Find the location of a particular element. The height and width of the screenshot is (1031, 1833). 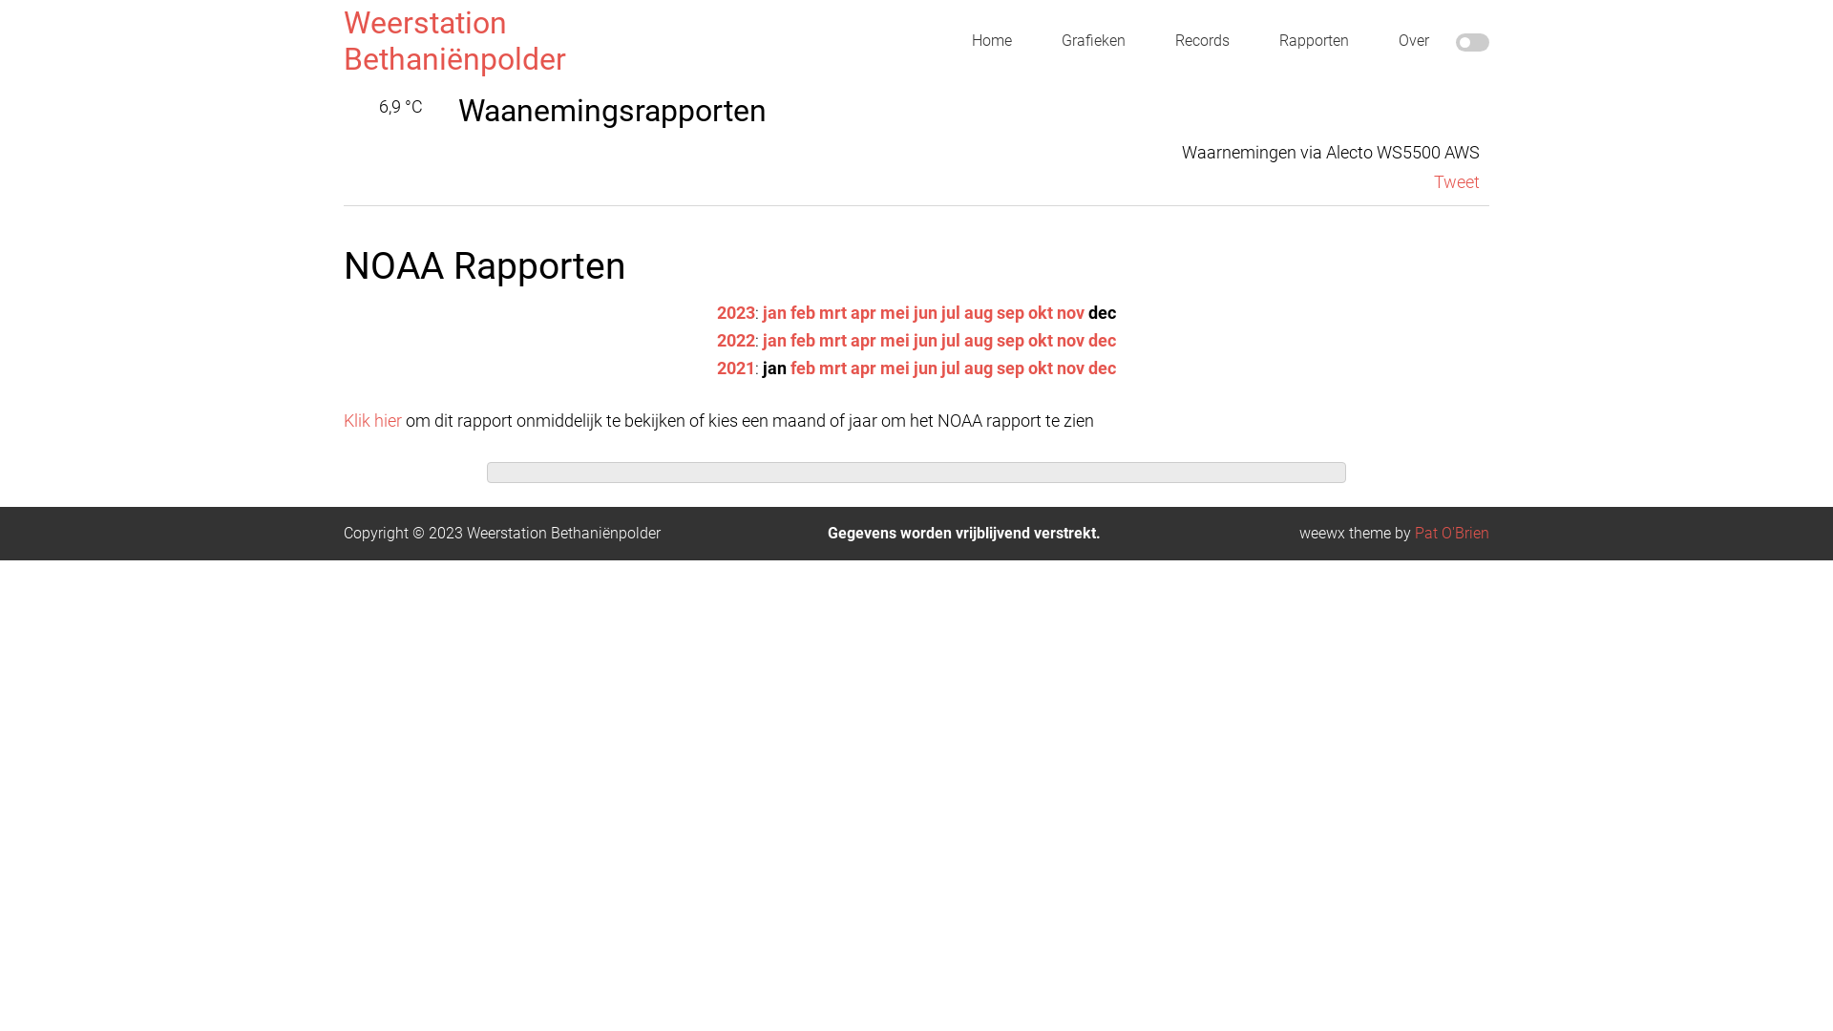

'aug' is located at coordinates (979, 368).